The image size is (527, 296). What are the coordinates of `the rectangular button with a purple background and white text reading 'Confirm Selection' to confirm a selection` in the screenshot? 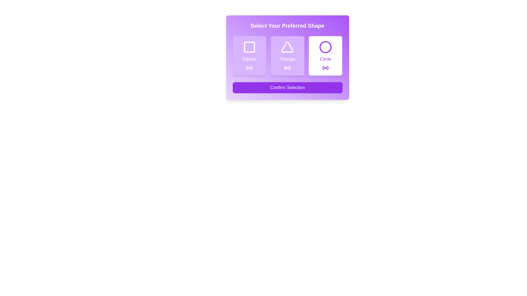 It's located at (287, 87).